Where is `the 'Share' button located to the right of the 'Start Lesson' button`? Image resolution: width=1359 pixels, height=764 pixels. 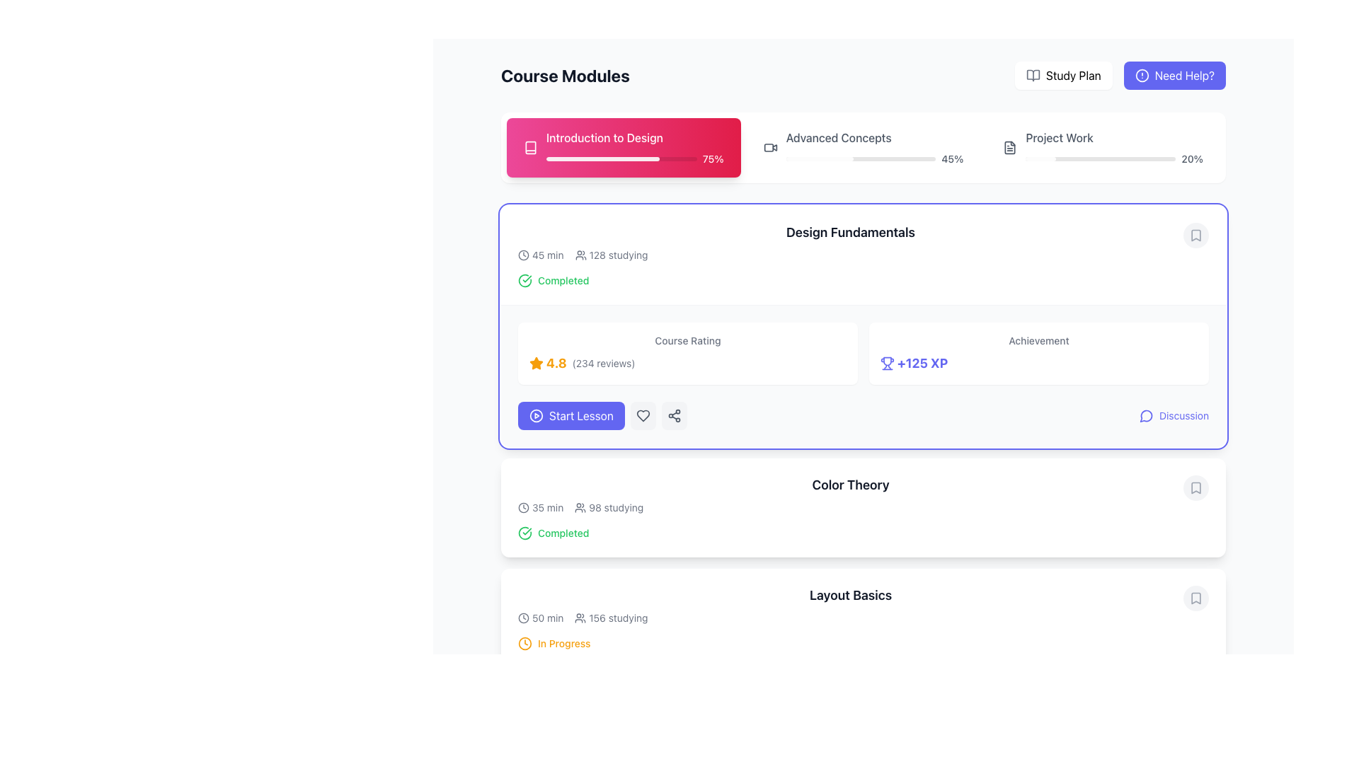 the 'Share' button located to the right of the 'Start Lesson' button is located at coordinates (673, 415).